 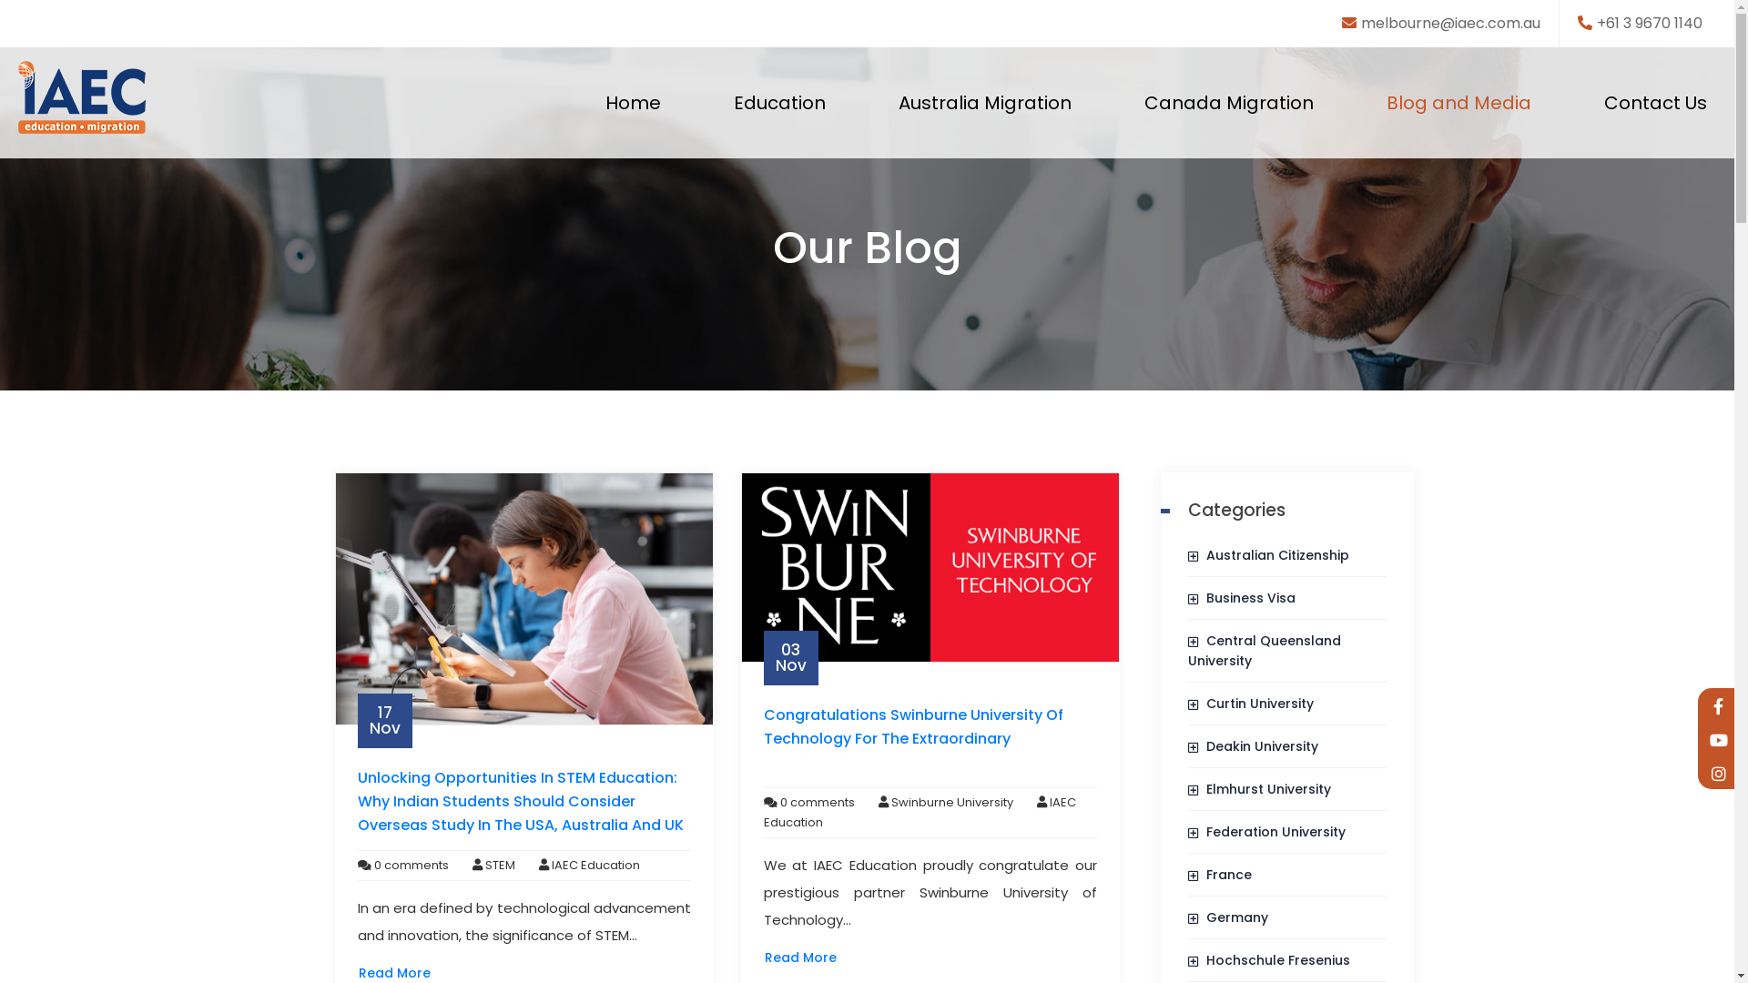 What do you see at coordinates (1377, 102) in the screenshot?
I see `'Blog and Media'` at bounding box center [1377, 102].